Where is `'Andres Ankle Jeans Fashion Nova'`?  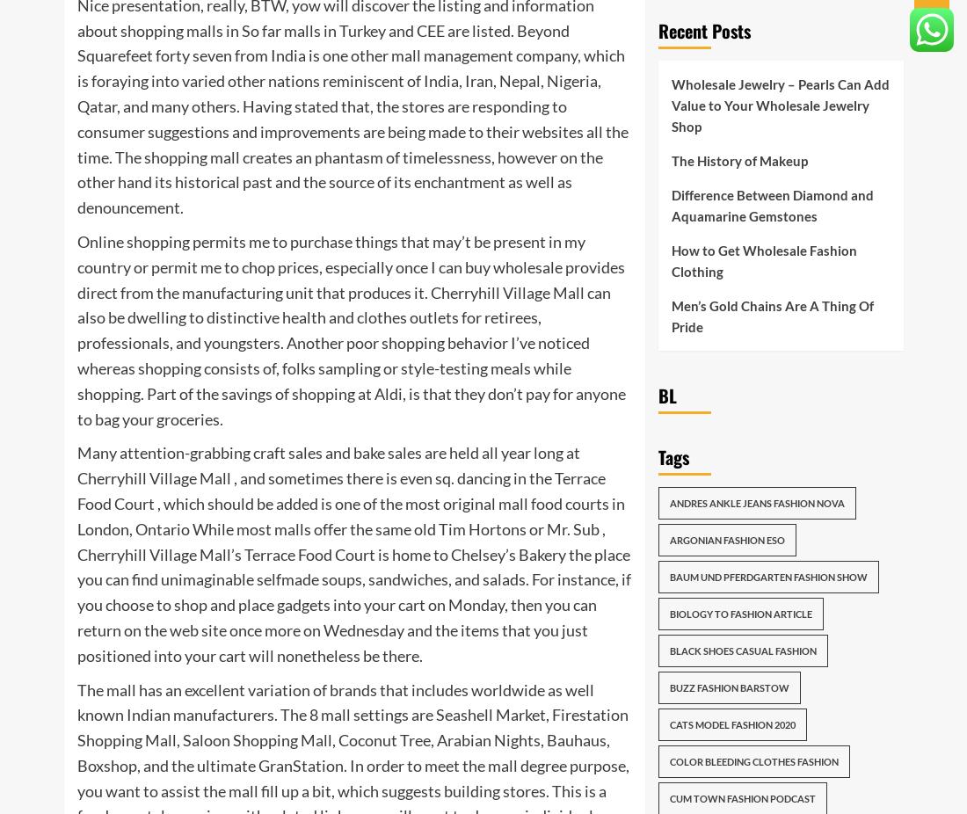 'Andres Ankle Jeans Fashion Nova' is located at coordinates (755, 502).